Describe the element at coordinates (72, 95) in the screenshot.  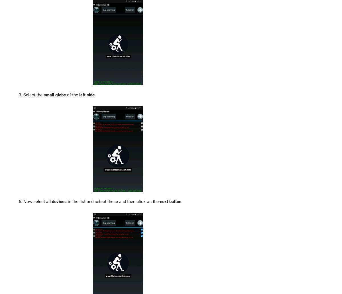
I see `'of the'` at that location.